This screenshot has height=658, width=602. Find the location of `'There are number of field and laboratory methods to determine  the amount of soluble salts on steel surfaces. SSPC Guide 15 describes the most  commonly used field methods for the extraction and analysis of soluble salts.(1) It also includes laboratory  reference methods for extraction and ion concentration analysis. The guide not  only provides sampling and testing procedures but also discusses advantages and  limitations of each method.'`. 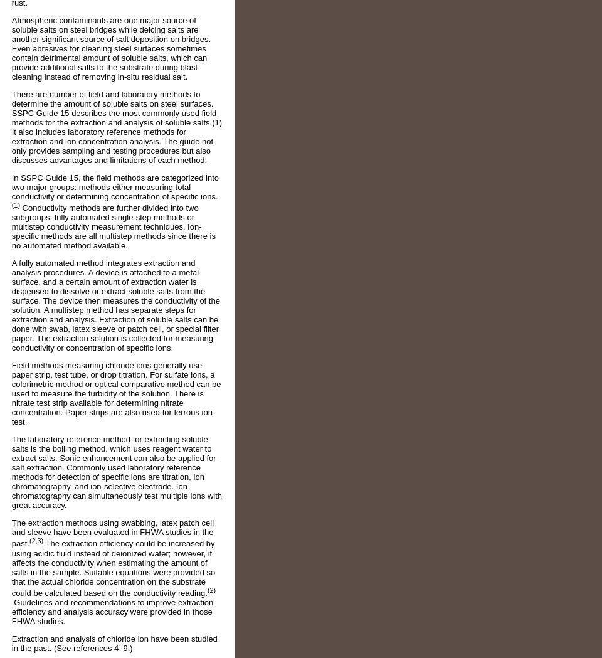

'There are number of field and laboratory methods to determine  the amount of soluble salts on steel surfaces. SSPC Guide 15 describes the most  commonly used field methods for the extraction and analysis of soluble salts.(1) It also includes laboratory  reference methods for extraction and ion concentration analysis. The guide not  only provides sampling and testing procedures but also discusses advantages and  limitations of each method.' is located at coordinates (117, 126).